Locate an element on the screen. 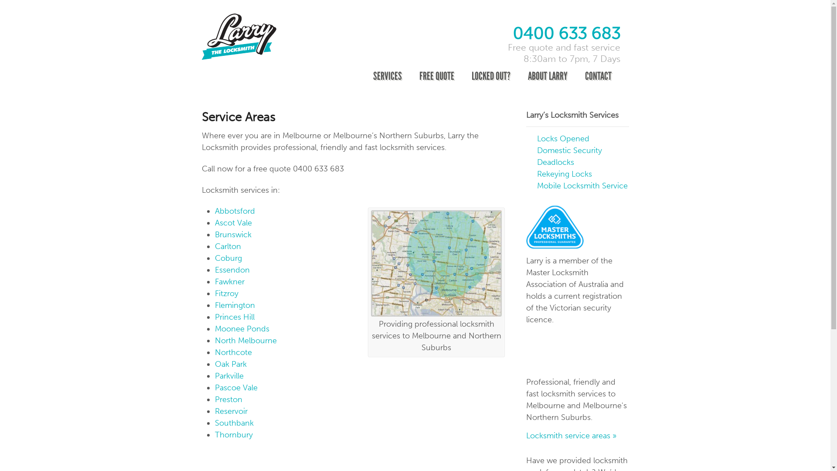 The width and height of the screenshot is (837, 471). 'Deadlocks' is located at coordinates (555, 162).